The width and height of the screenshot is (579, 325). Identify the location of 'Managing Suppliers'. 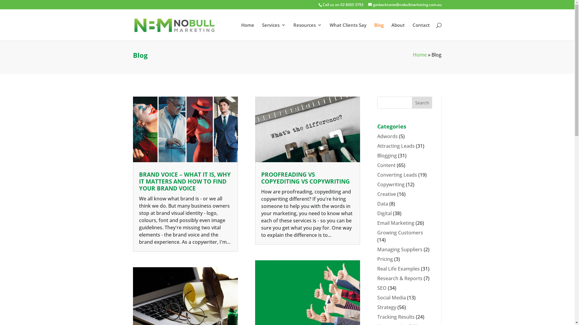
(377, 249).